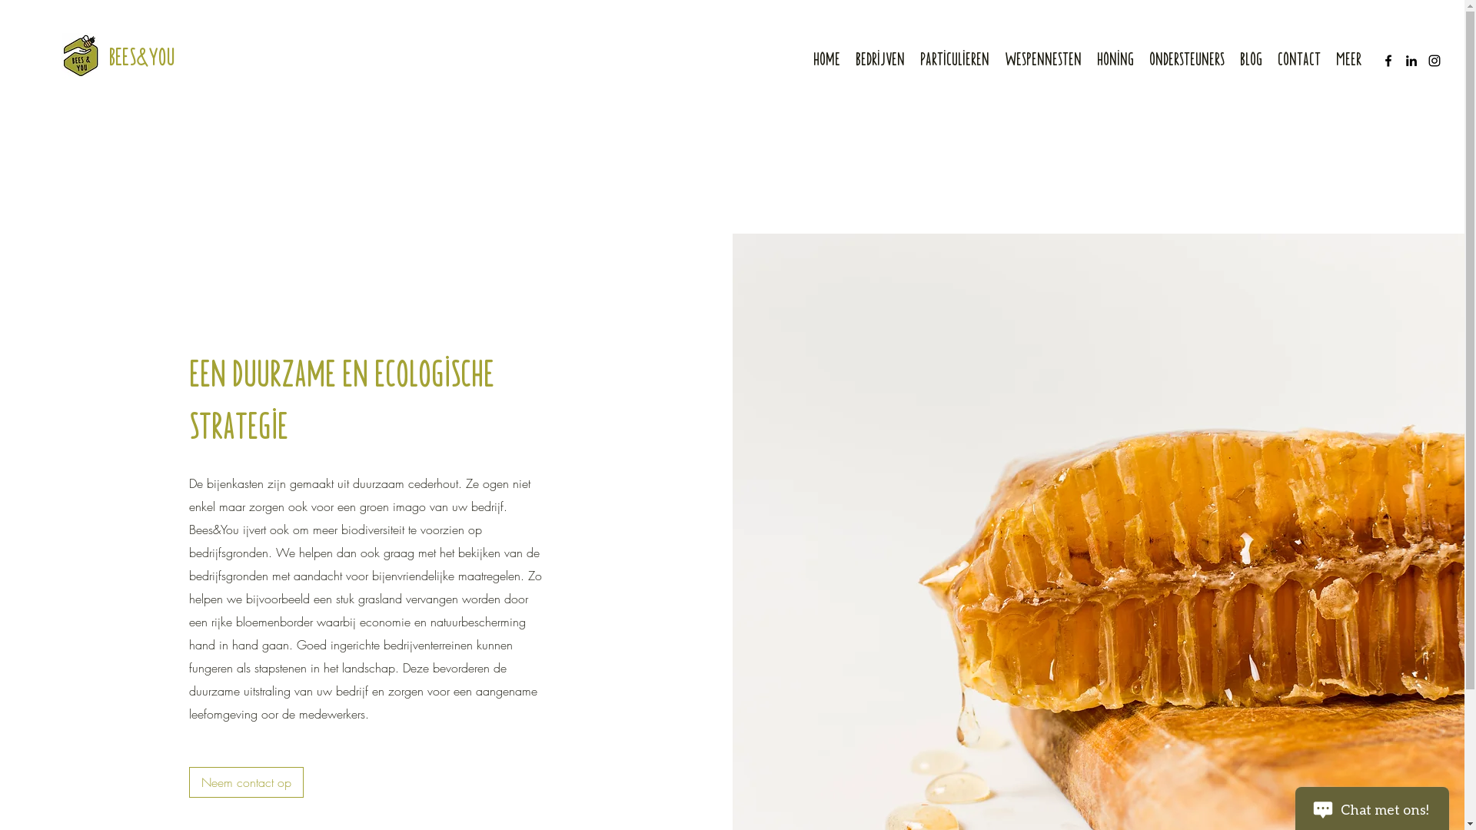 The width and height of the screenshot is (1476, 830). I want to click on 'Bees&You', so click(141, 53).